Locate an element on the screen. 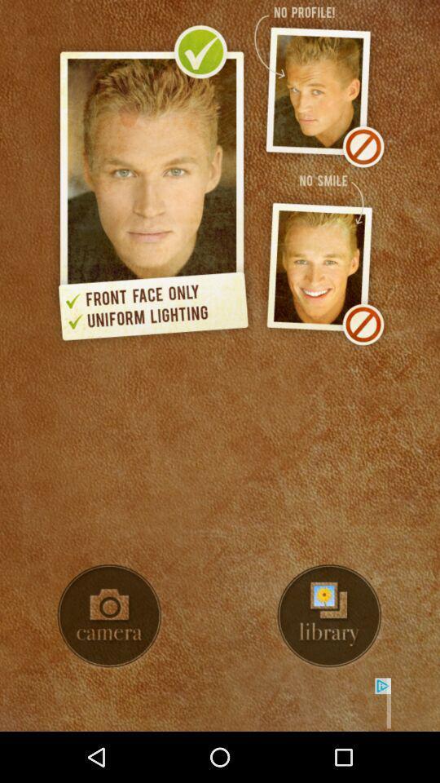 Image resolution: width=440 pixels, height=783 pixels. the button at the bottom left corner is located at coordinates (110, 615).